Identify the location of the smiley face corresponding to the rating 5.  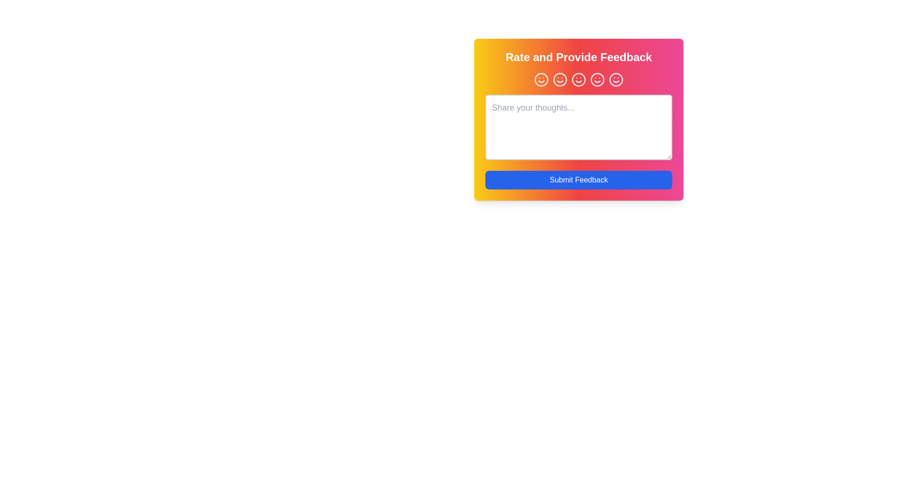
(616, 79).